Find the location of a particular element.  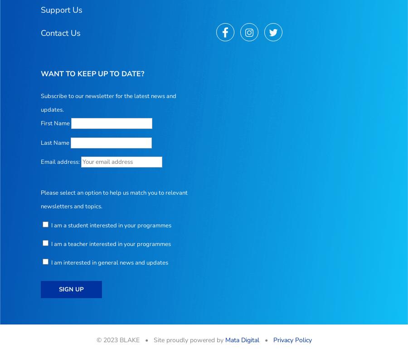

'Want to keep up to date?' is located at coordinates (92, 74).